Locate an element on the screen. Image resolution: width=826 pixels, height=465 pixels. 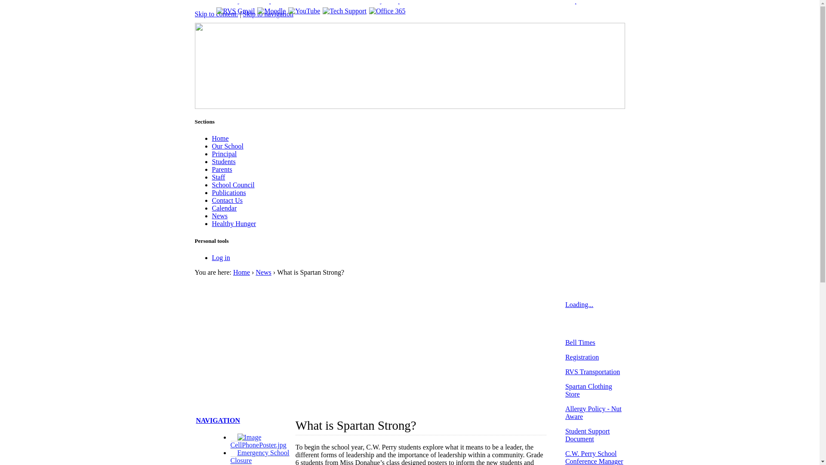
'Skip to navigation' is located at coordinates (268, 14).